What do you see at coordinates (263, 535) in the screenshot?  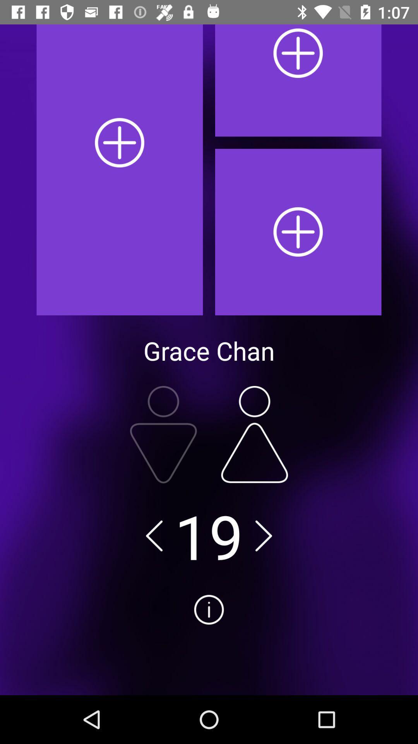 I see `go forward` at bounding box center [263, 535].